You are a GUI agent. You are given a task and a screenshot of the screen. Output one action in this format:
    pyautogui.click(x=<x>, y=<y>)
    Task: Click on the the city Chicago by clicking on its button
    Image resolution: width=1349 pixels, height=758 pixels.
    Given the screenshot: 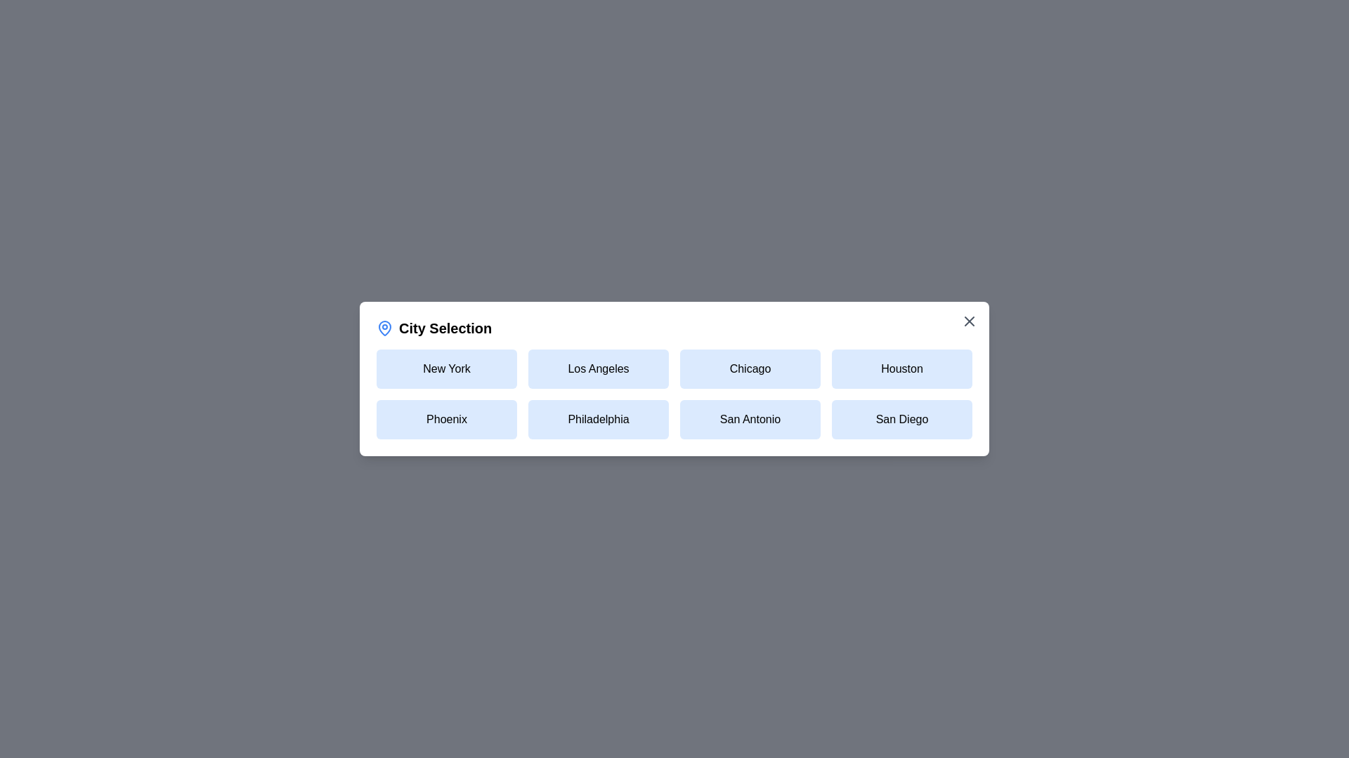 What is the action you would take?
    pyautogui.click(x=750, y=368)
    